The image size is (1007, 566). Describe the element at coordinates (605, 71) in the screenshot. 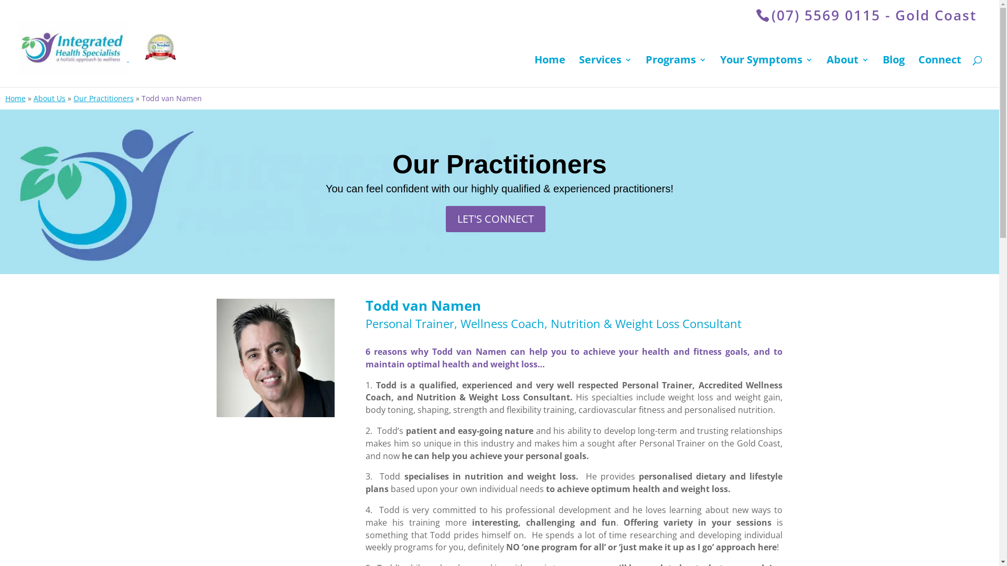

I see `'Services'` at that location.